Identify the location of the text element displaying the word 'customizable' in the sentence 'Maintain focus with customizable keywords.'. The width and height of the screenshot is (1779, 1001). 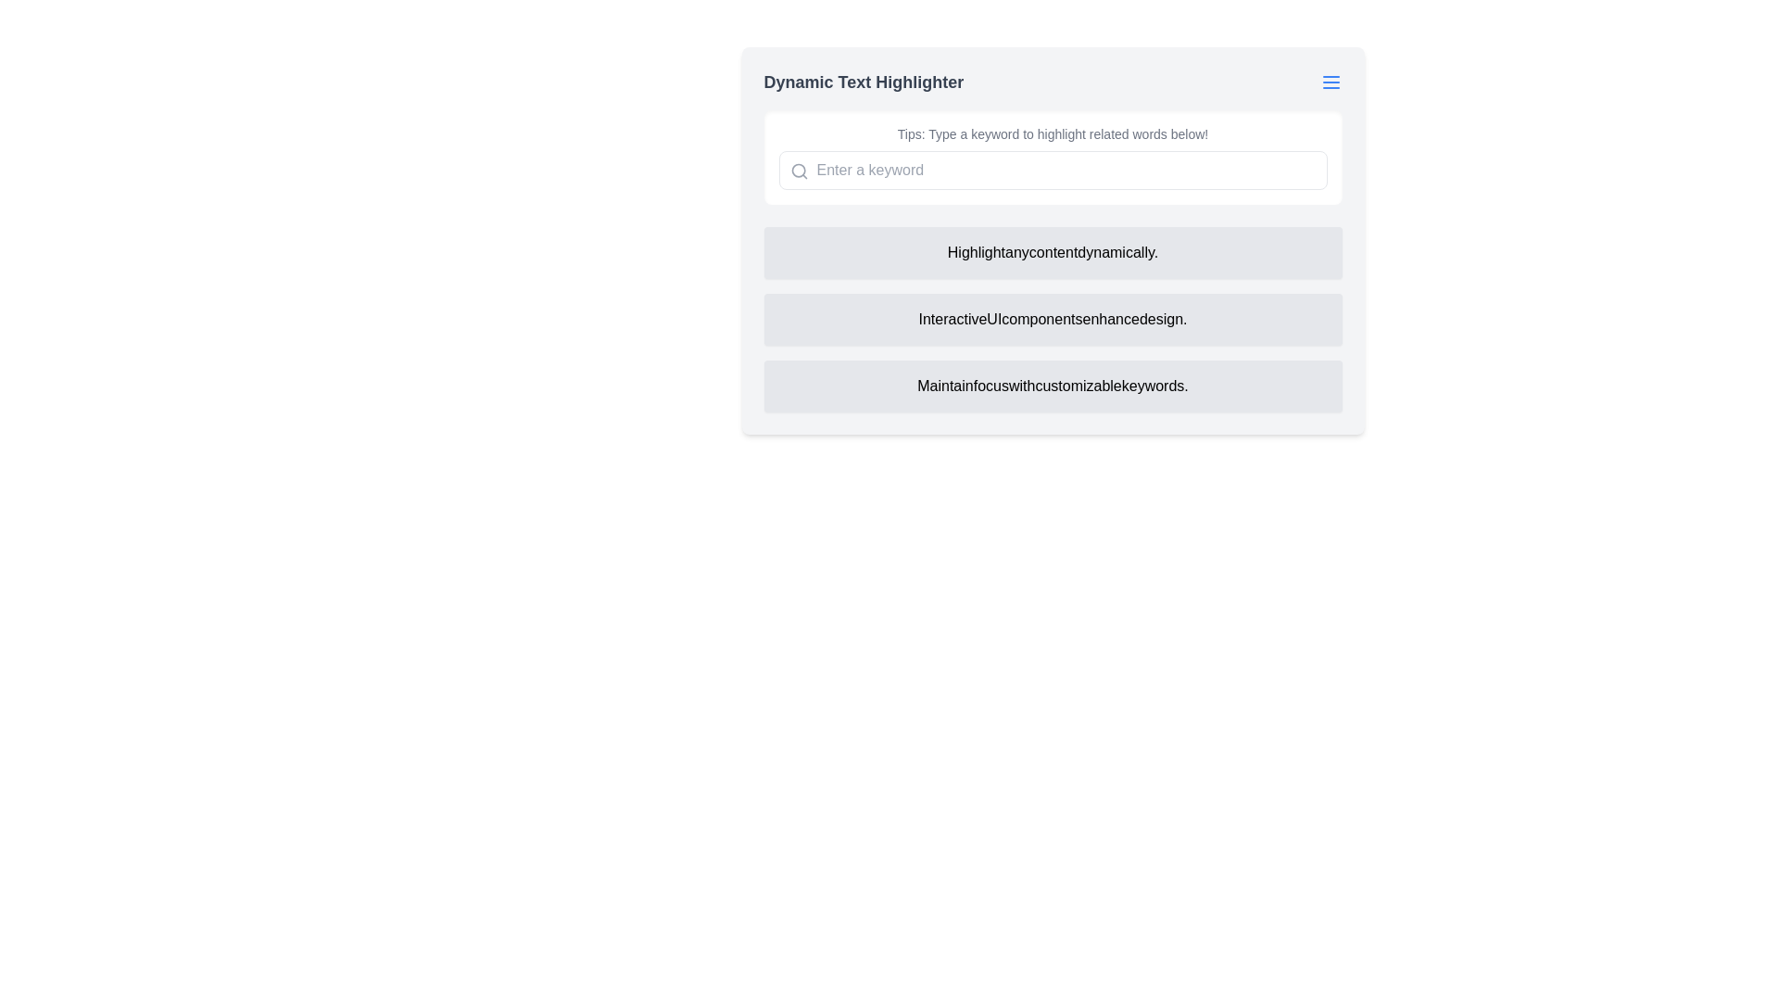
(1079, 385).